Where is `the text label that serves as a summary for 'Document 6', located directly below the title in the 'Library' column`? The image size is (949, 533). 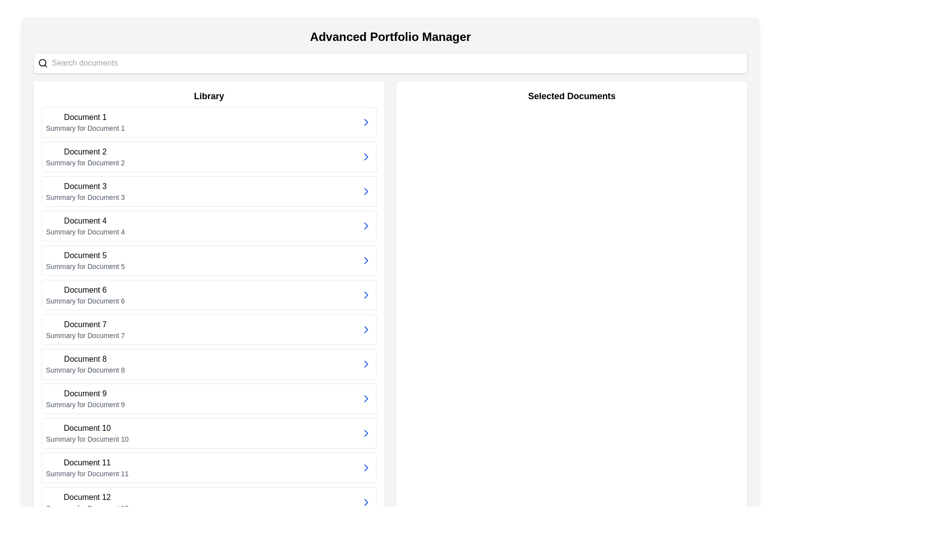 the text label that serves as a summary for 'Document 6', located directly below the title in the 'Library' column is located at coordinates (85, 300).